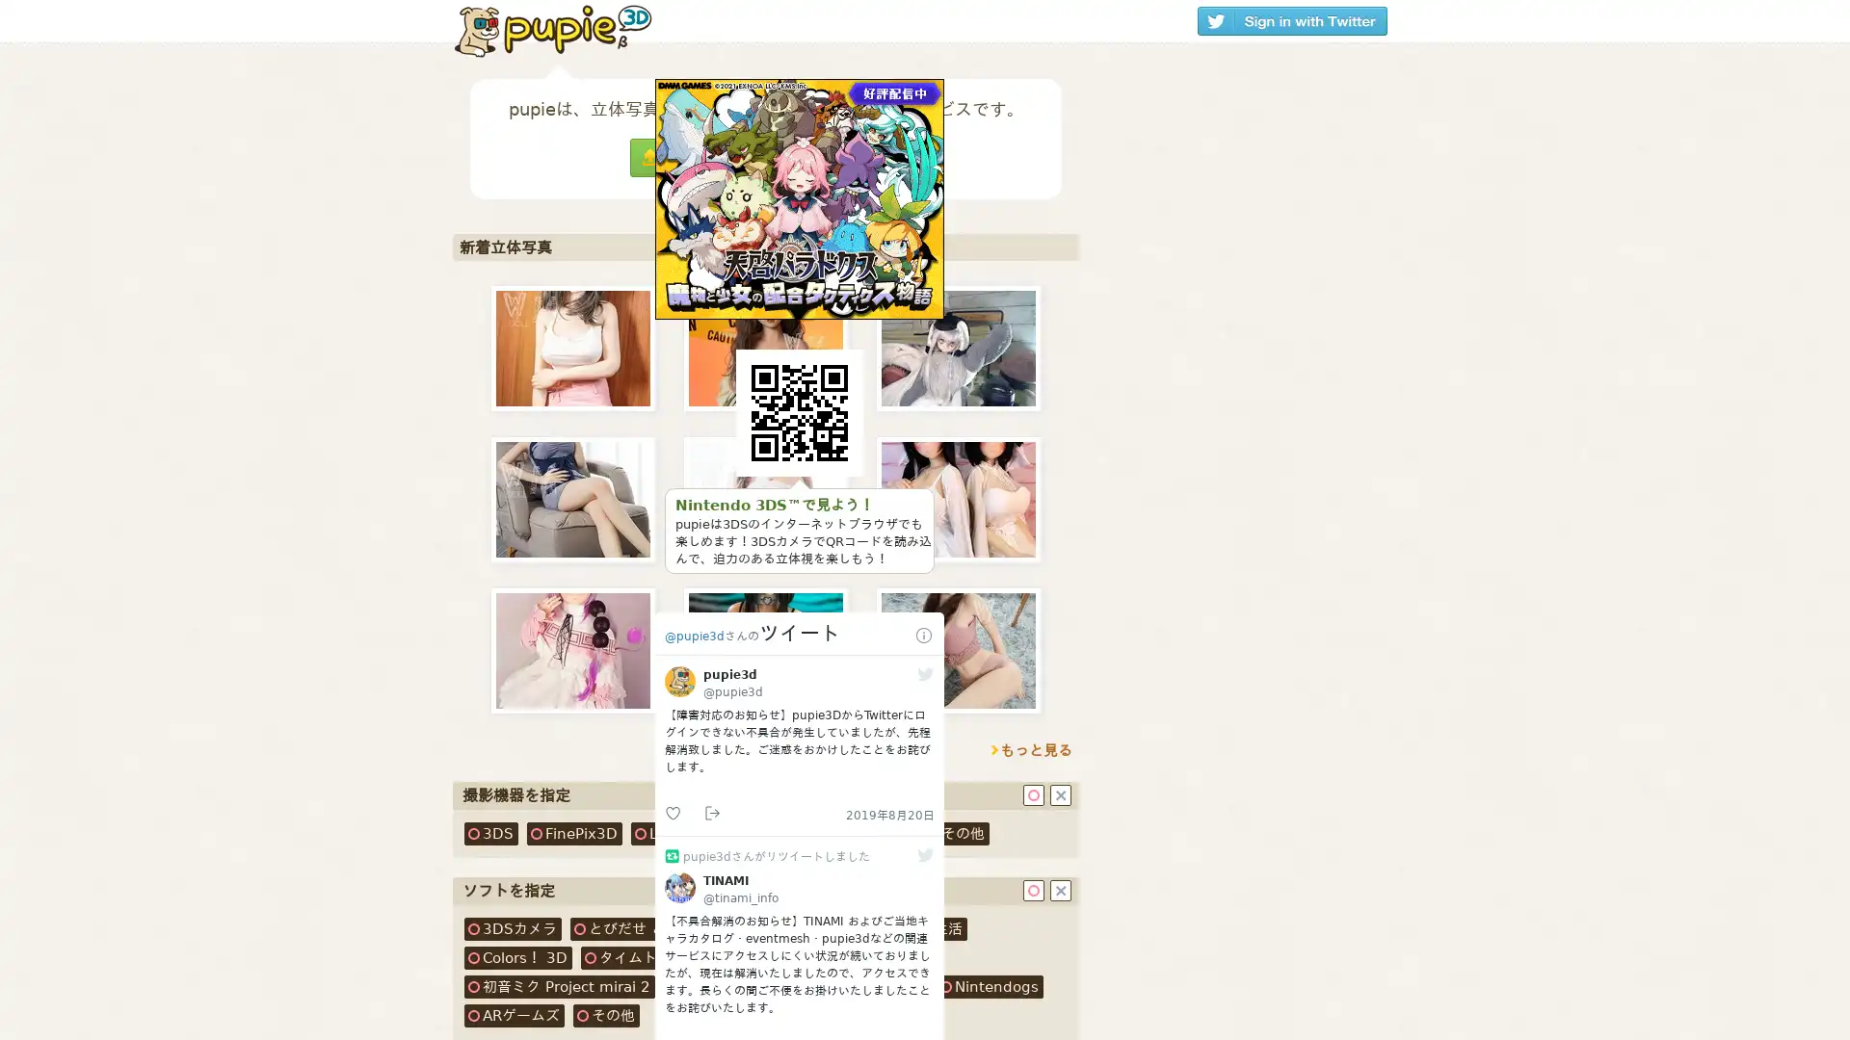 The height and width of the screenshot is (1040, 1850). I want to click on FinePix3D, so click(573, 833).